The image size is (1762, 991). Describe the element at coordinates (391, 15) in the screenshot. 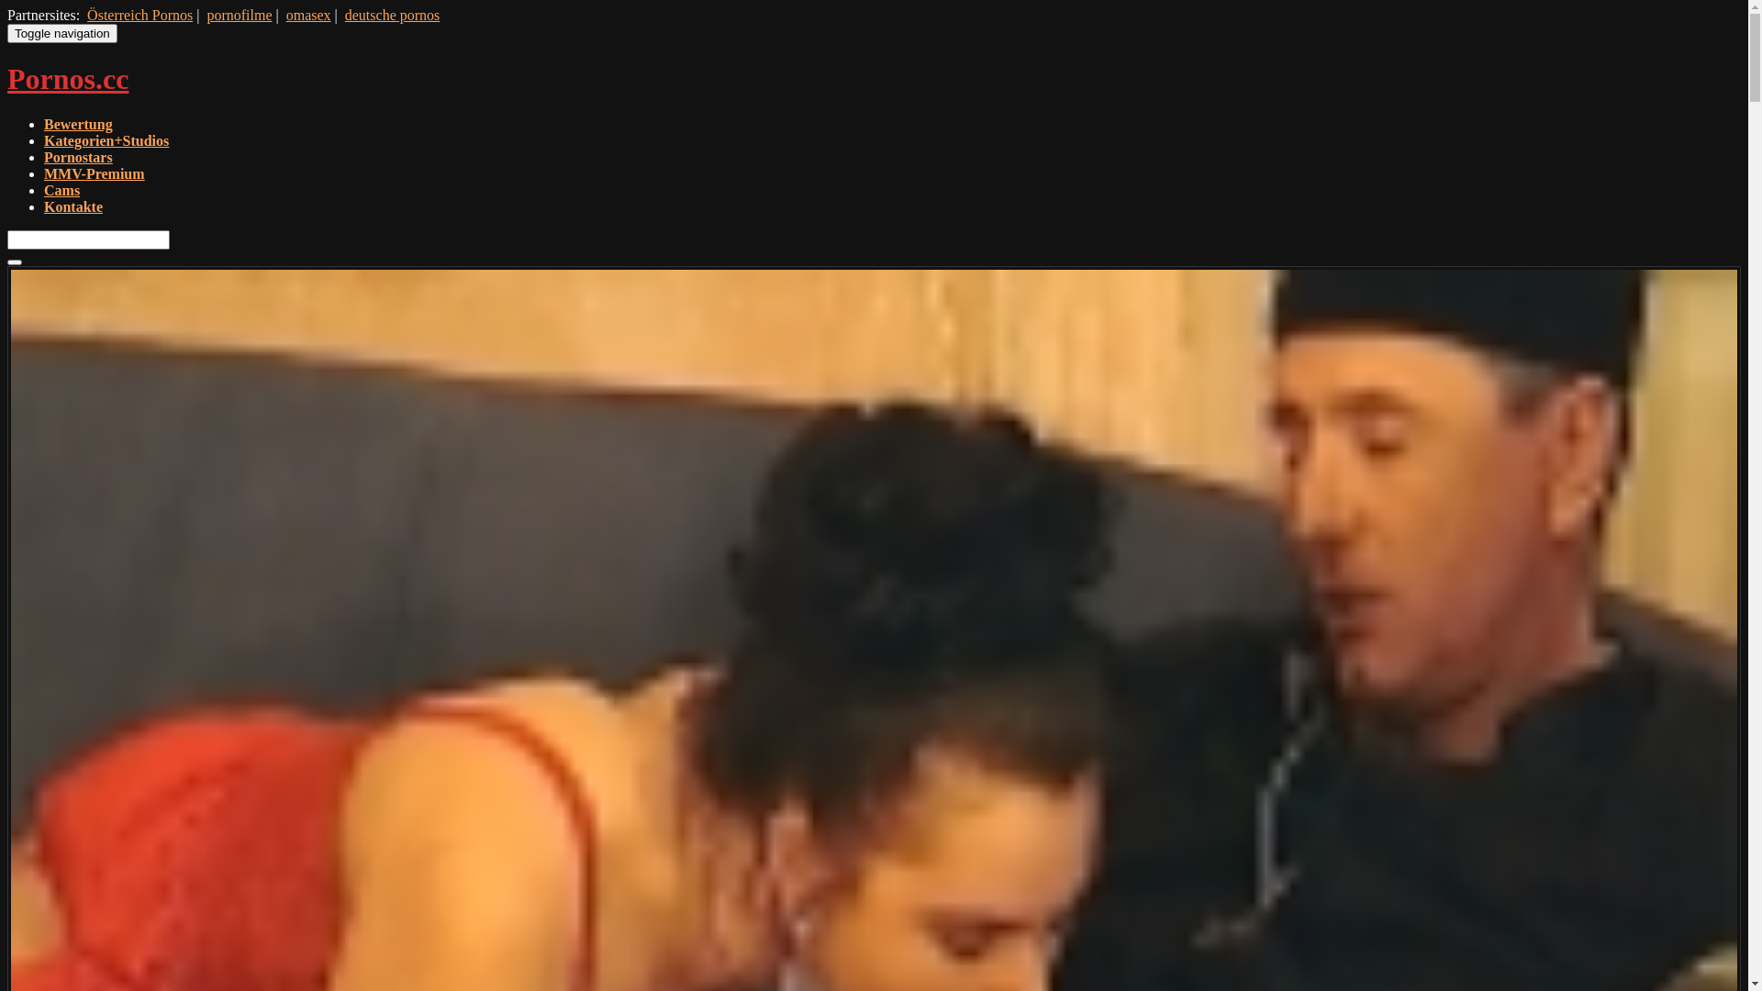

I see `'deutsche pornos'` at that location.